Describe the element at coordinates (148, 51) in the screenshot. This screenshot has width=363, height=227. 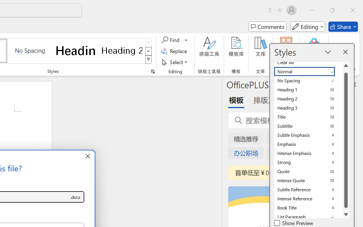
I see `'Row Down'` at that location.